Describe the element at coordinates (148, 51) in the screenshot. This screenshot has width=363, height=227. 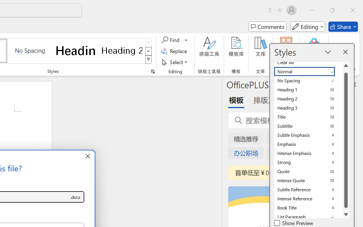
I see `'Row Down'` at that location.